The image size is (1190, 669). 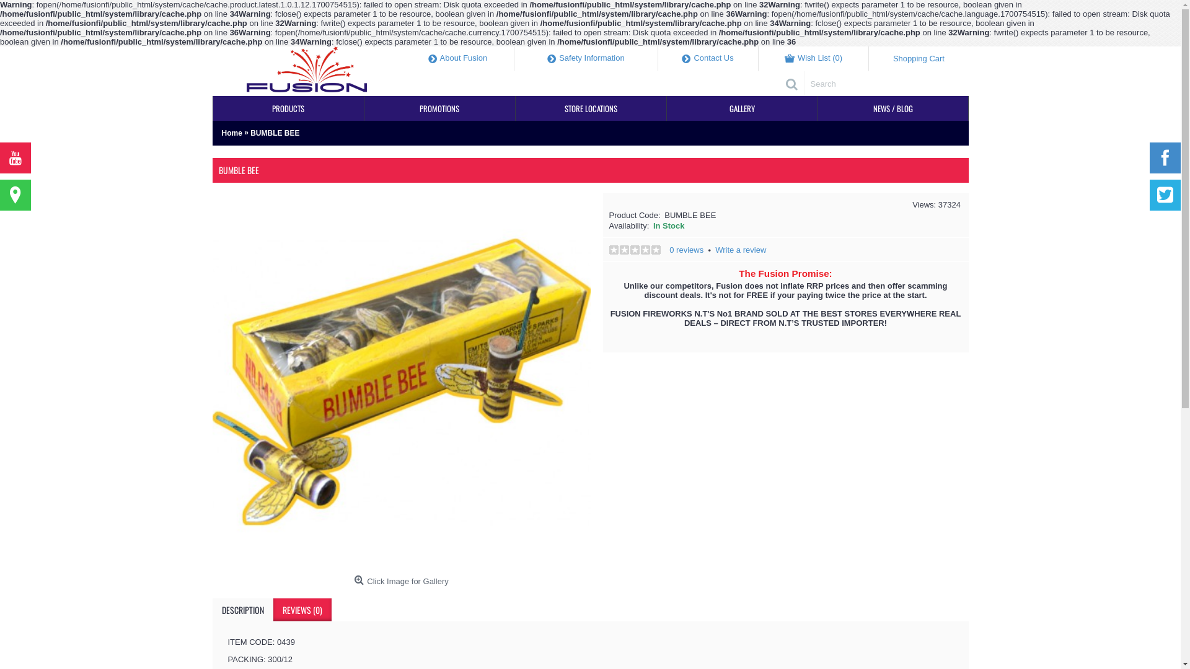 What do you see at coordinates (222, 133) in the screenshot?
I see `'Home'` at bounding box center [222, 133].